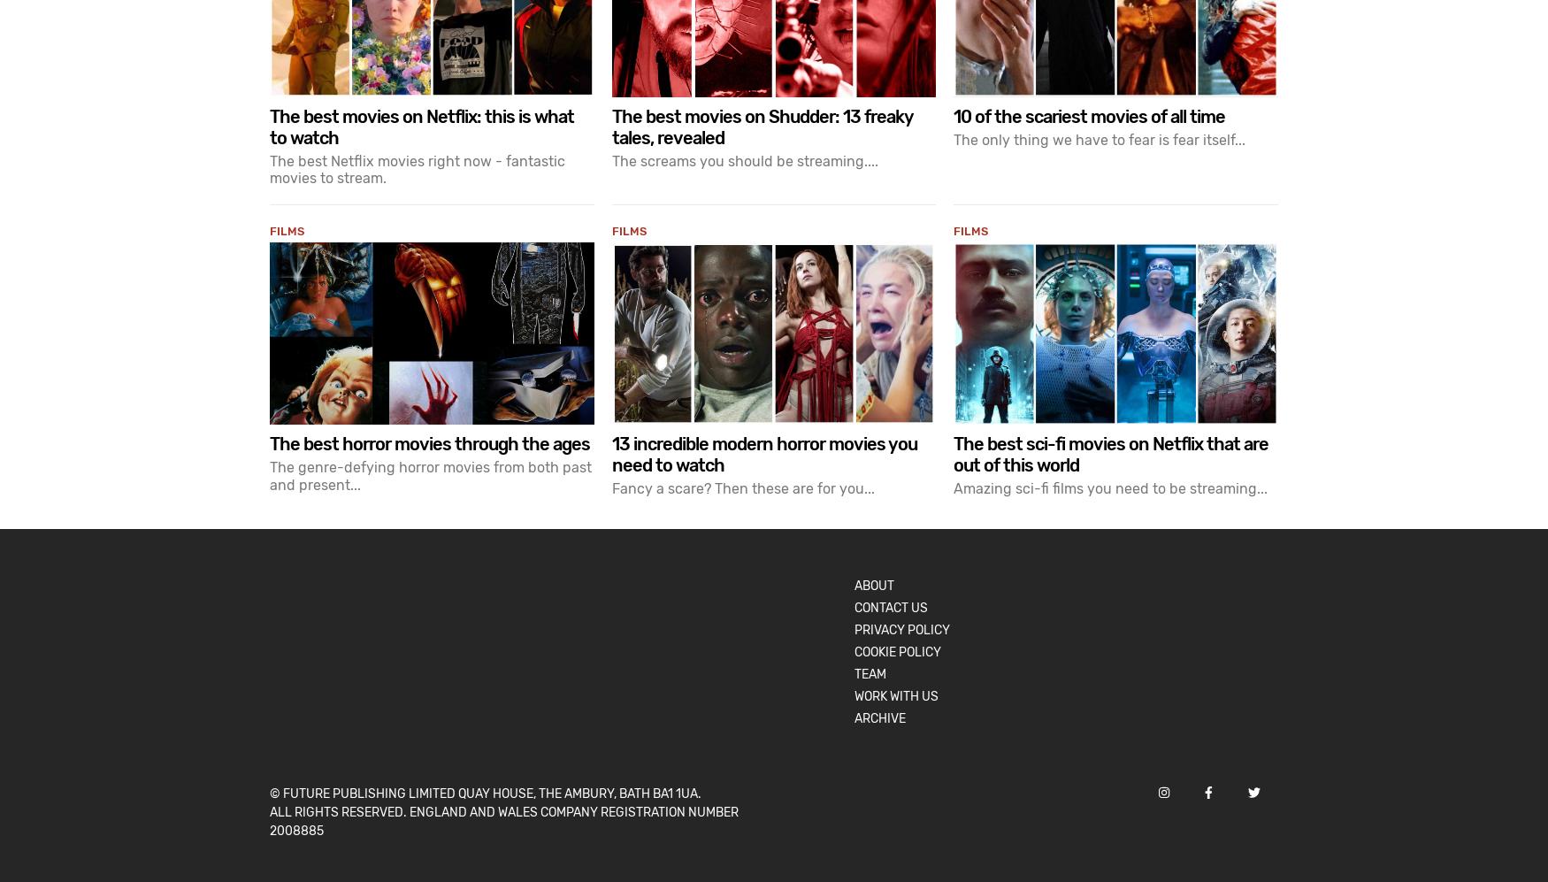 The height and width of the screenshot is (882, 1548). Describe the element at coordinates (503, 821) in the screenshot. I see `'All rights reserved. England and Wales company registration number 2008885'` at that location.